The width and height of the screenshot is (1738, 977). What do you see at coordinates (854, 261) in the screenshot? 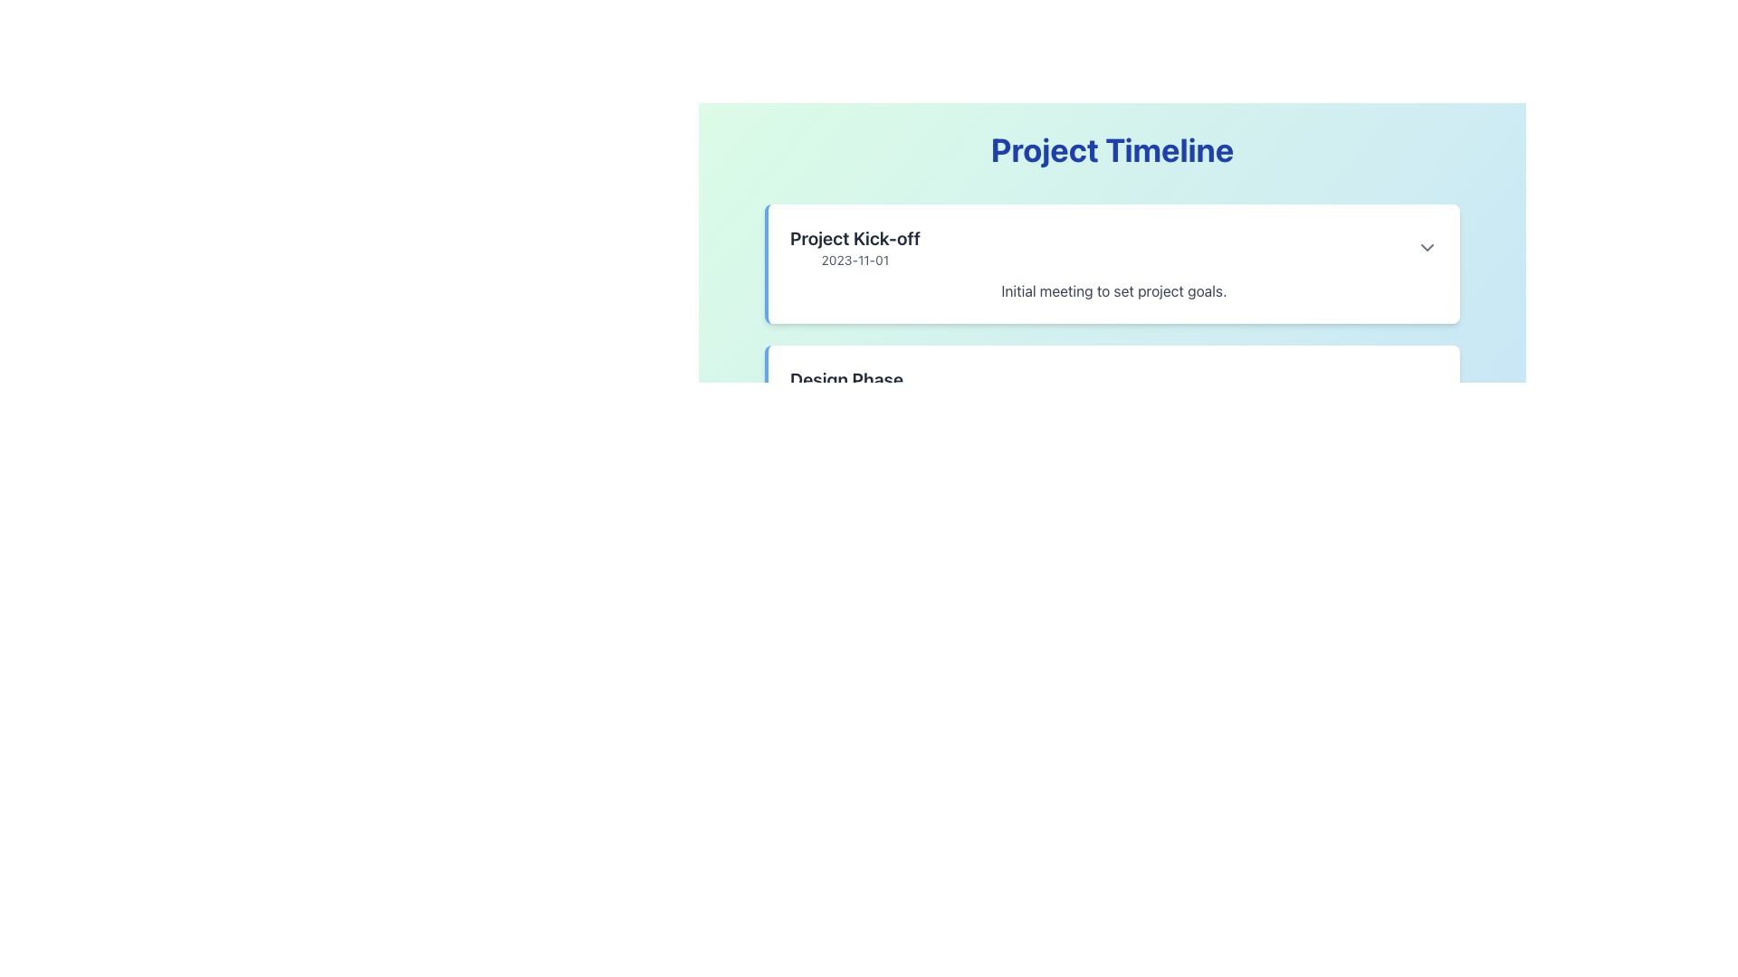
I see `the static text displaying the date '2023-11-01', which is styled in gray and located directly beneath the title 'Project Kick-off'` at bounding box center [854, 261].